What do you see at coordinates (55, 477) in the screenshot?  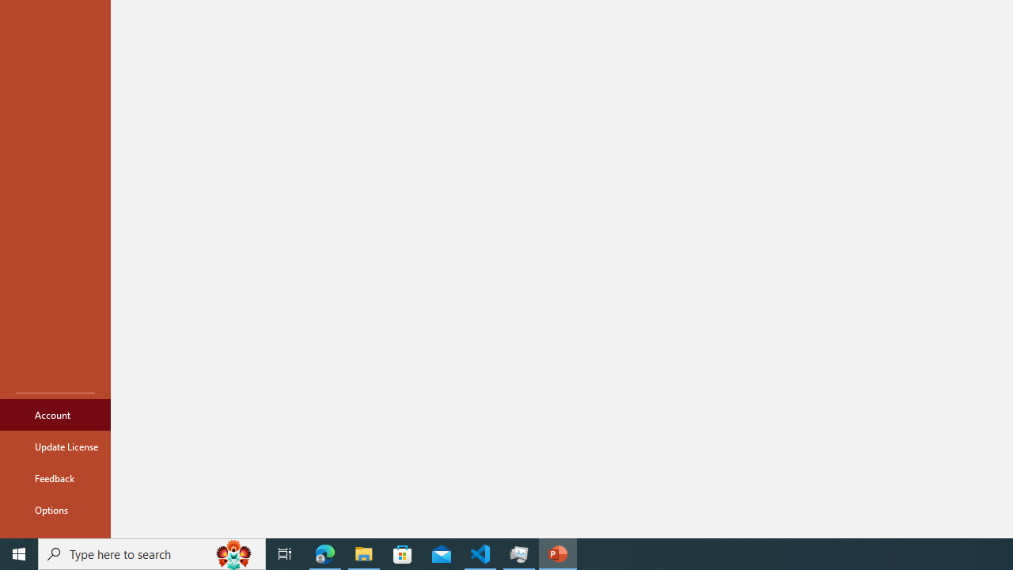 I see `'Feedback'` at bounding box center [55, 477].